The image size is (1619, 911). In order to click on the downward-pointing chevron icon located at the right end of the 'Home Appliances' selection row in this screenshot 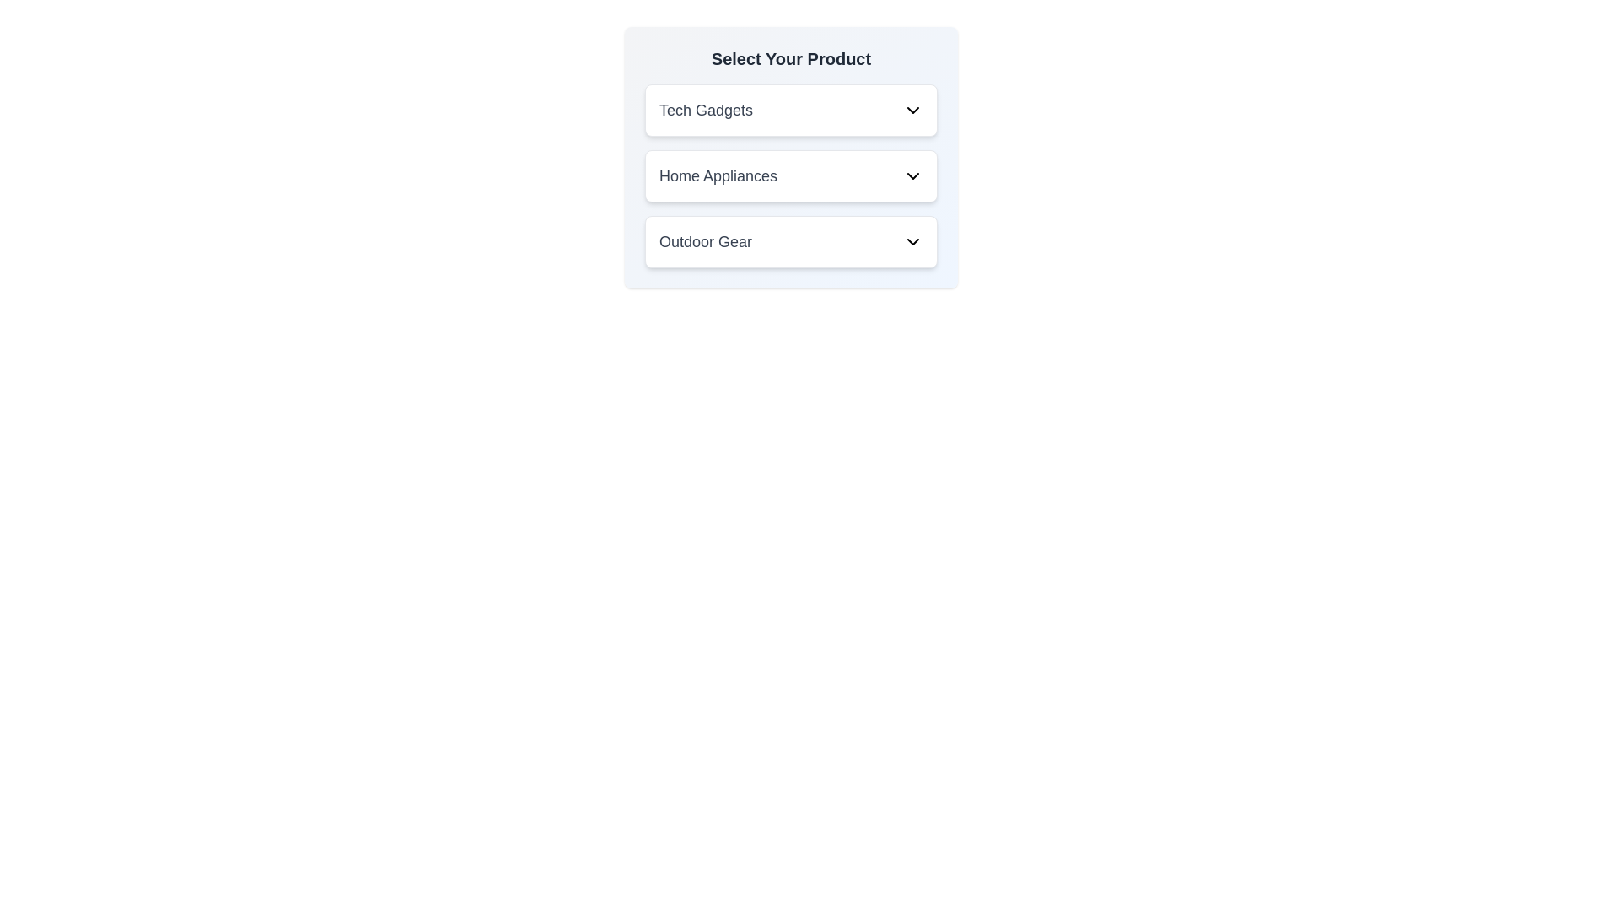, I will do `click(912, 175)`.